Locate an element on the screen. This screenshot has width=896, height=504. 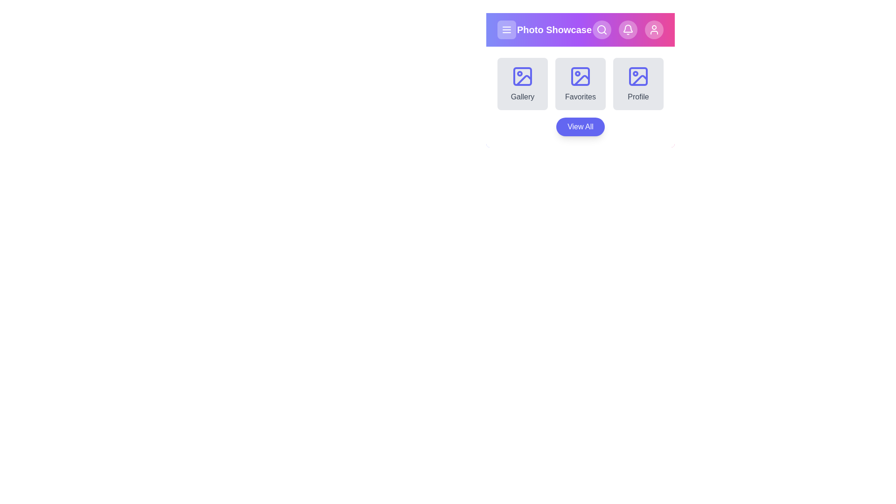
the Favorites section from the available options is located at coordinates (580, 84).